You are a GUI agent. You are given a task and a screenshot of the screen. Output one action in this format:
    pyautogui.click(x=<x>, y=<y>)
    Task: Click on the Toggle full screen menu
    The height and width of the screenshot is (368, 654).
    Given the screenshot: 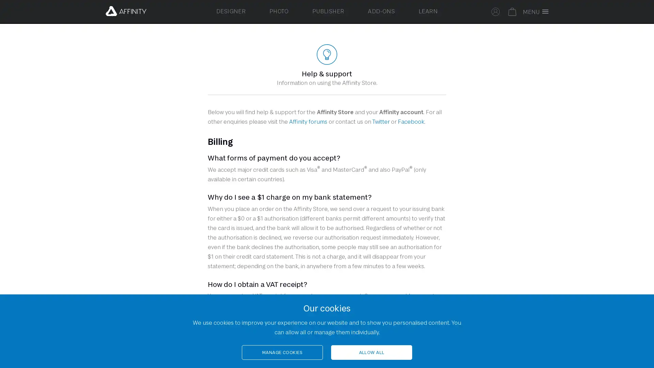 What is the action you would take?
    pyautogui.click(x=537, y=12)
    